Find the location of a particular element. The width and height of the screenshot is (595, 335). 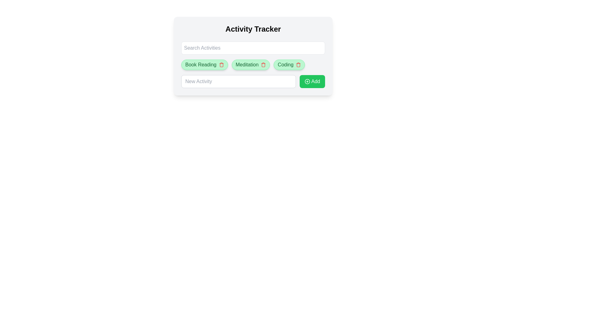

the 'Meditation' text label within the activity tracking interface is located at coordinates (247, 65).